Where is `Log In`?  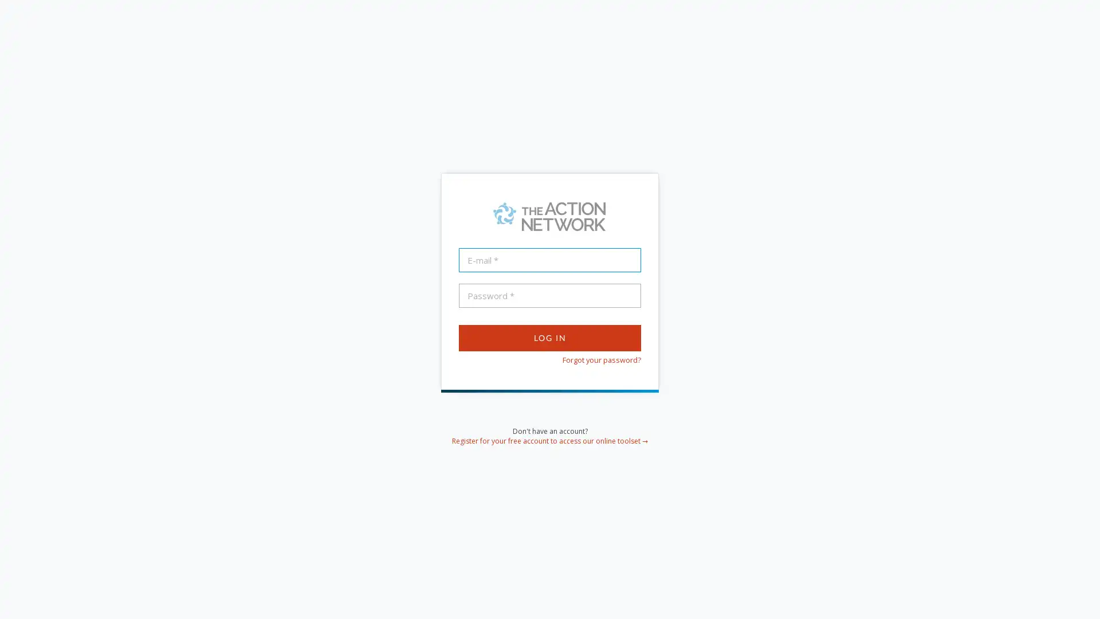
Log In is located at coordinates (550, 337).